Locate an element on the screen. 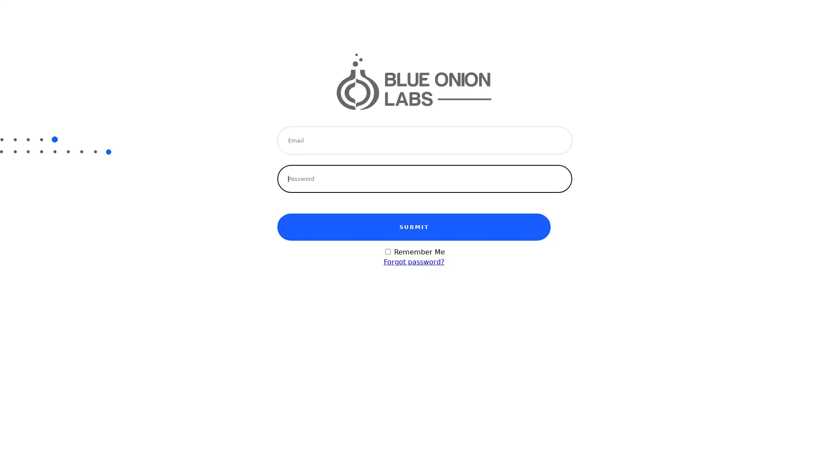  SUBMIT is located at coordinates (413, 226).